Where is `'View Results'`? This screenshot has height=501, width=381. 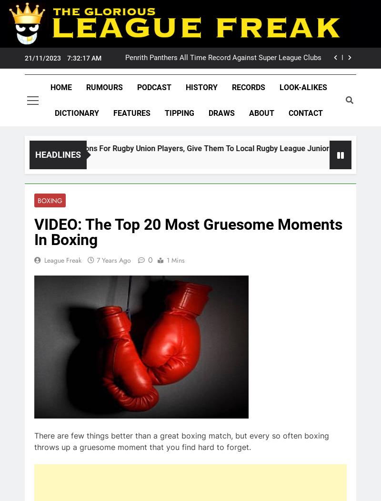 'View Results' is located at coordinates (190, 443).